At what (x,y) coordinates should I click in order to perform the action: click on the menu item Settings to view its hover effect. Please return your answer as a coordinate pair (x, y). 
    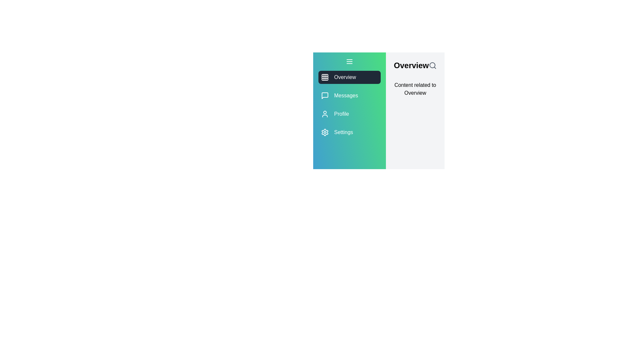
    Looking at the image, I should click on (349, 132).